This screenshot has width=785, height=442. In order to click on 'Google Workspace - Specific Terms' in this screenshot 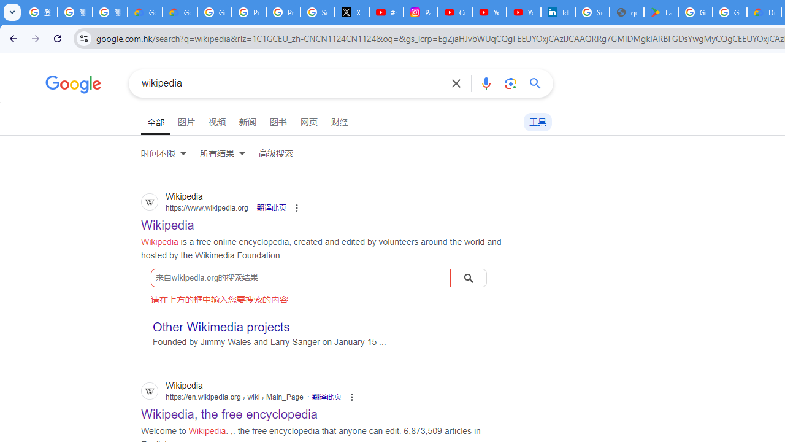, I will do `click(730, 12)`.